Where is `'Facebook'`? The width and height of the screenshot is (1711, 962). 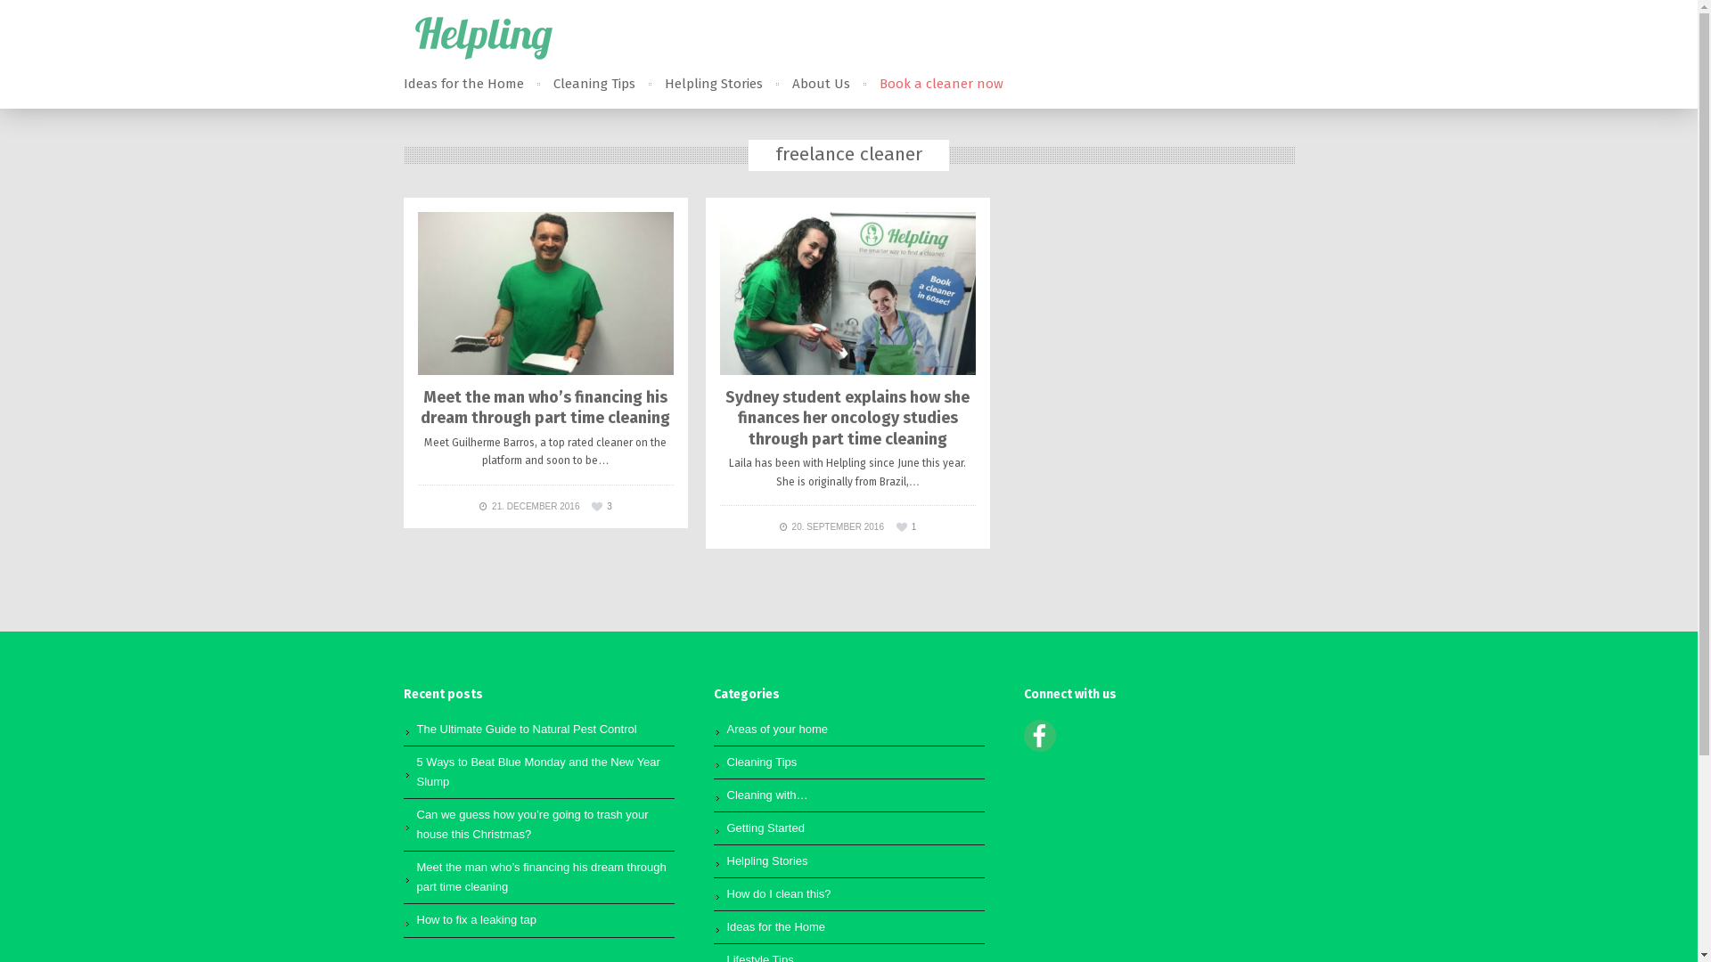
'Facebook' is located at coordinates (1039, 747).